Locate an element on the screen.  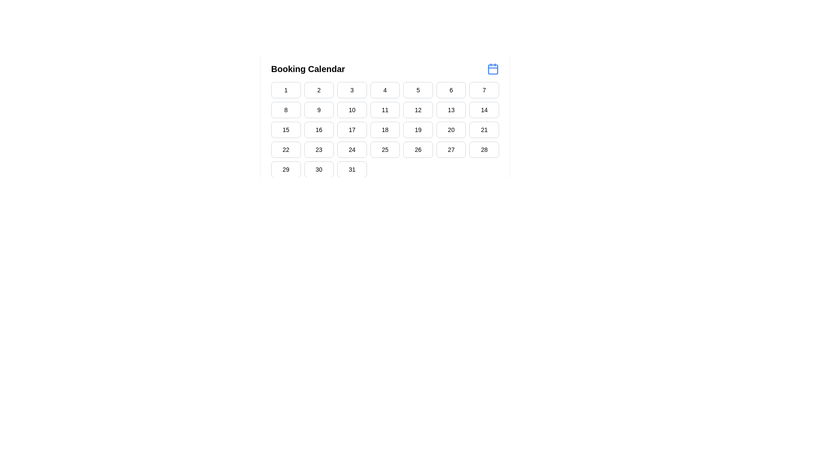
the selectable date button for the 6th of the month in the Booking Calendar is located at coordinates (451, 90).